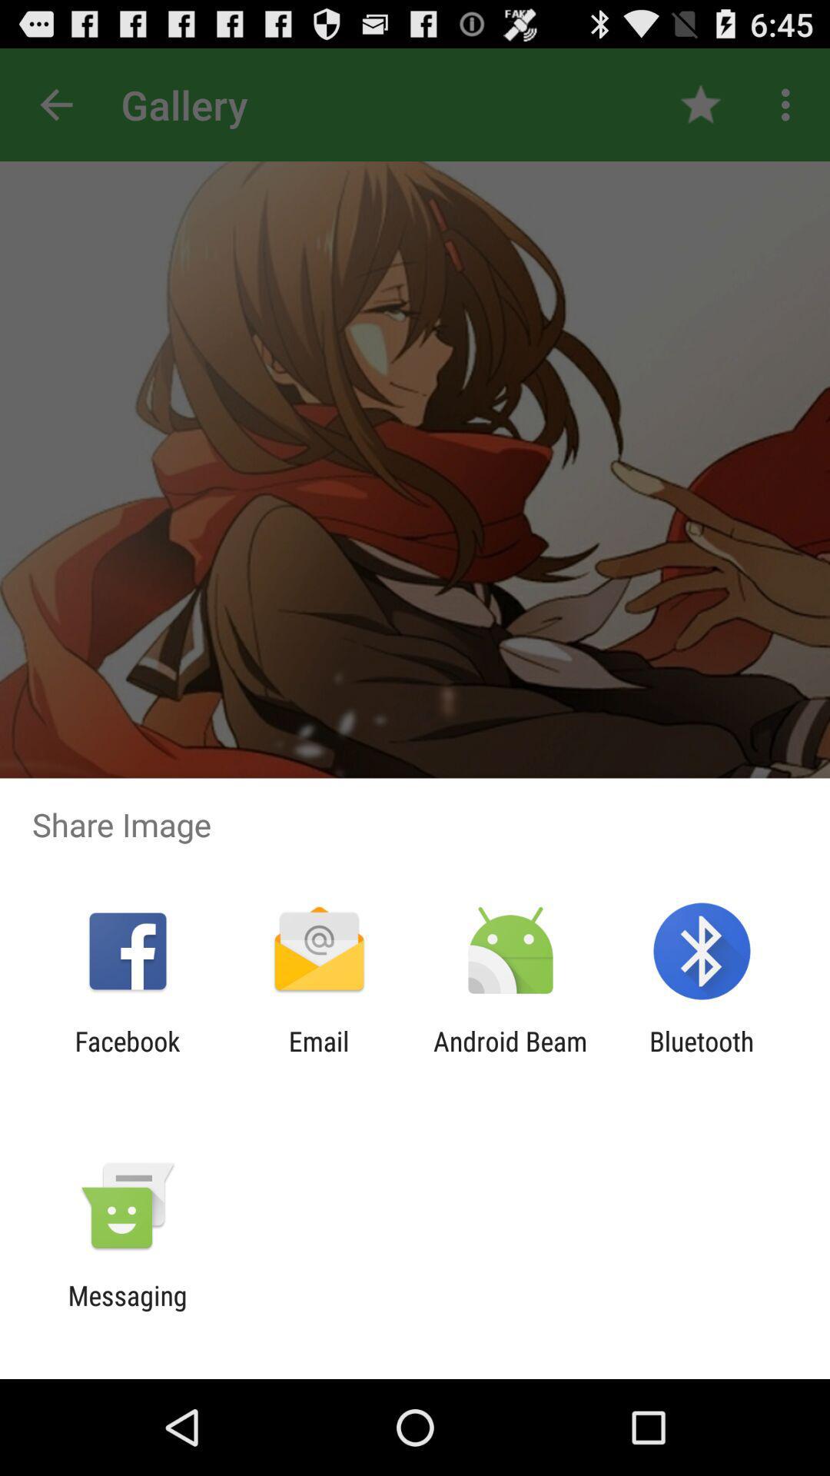  Describe the element at coordinates (702, 1056) in the screenshot. I see `the item next to android beam app` at that location.